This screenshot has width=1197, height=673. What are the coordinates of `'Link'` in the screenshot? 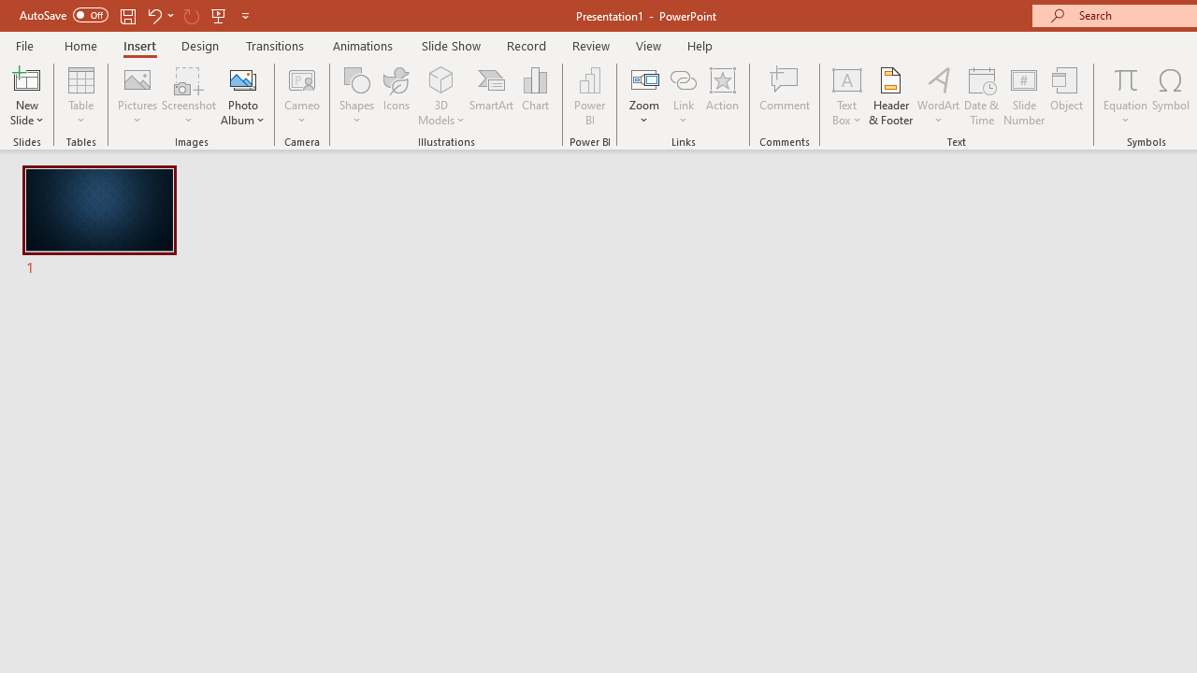 It's located at (683, 96).